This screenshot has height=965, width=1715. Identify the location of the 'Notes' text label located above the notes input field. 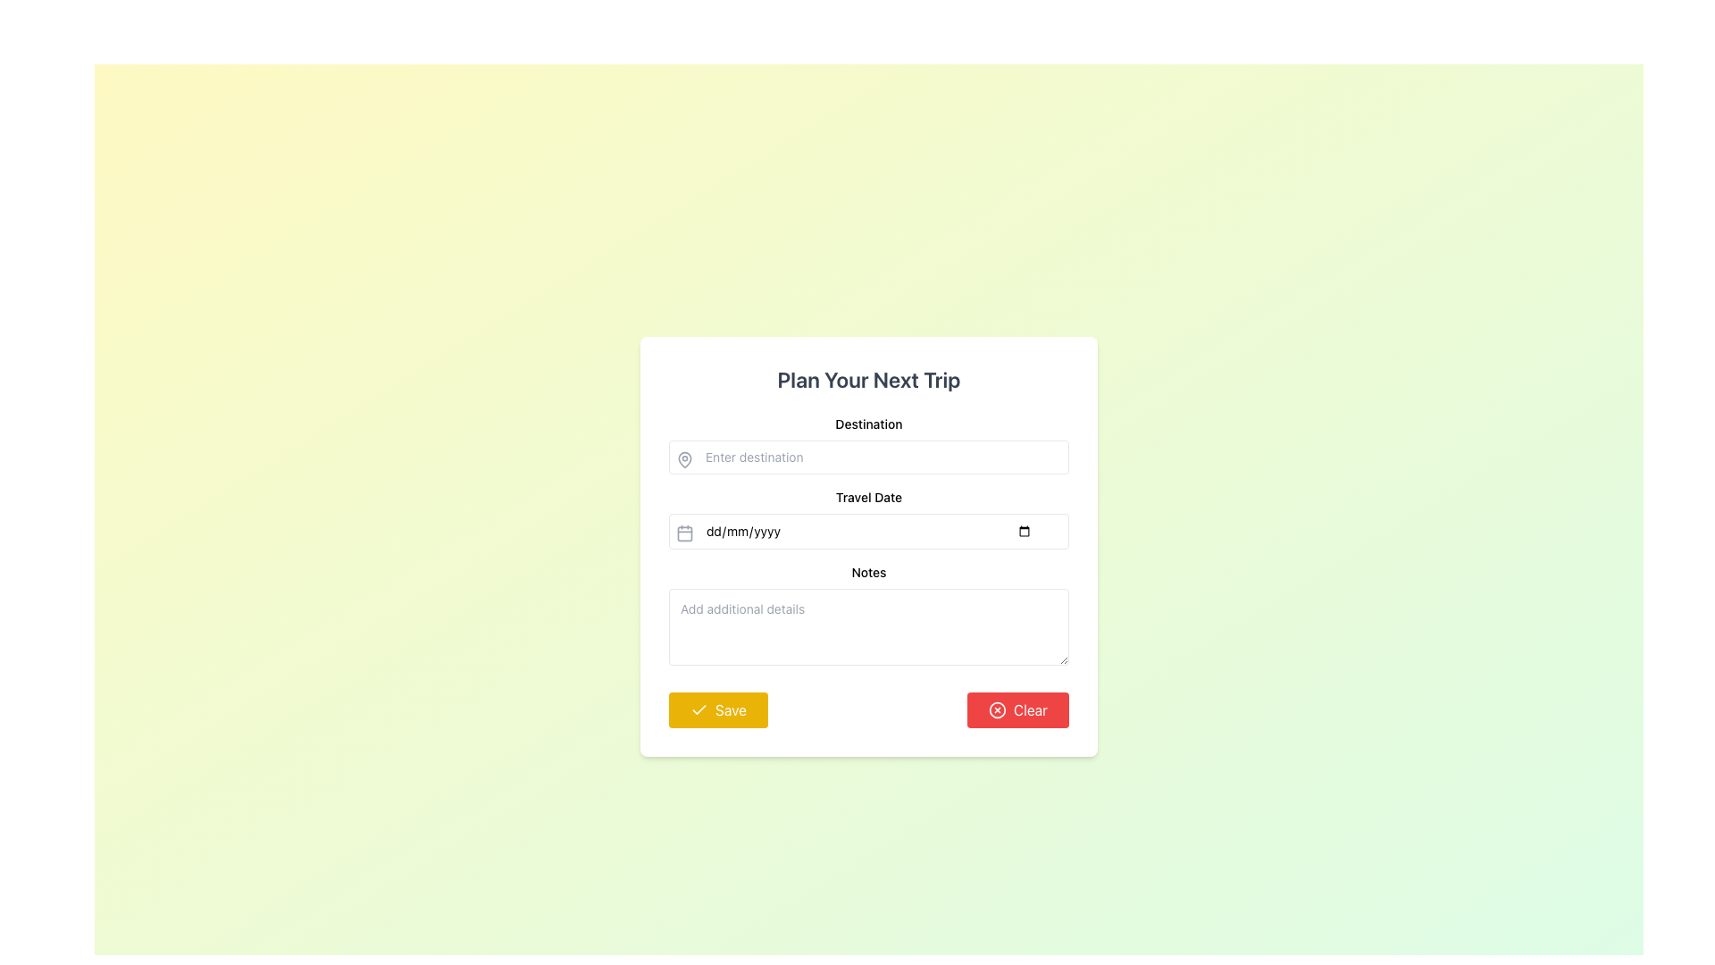
(869, 572).